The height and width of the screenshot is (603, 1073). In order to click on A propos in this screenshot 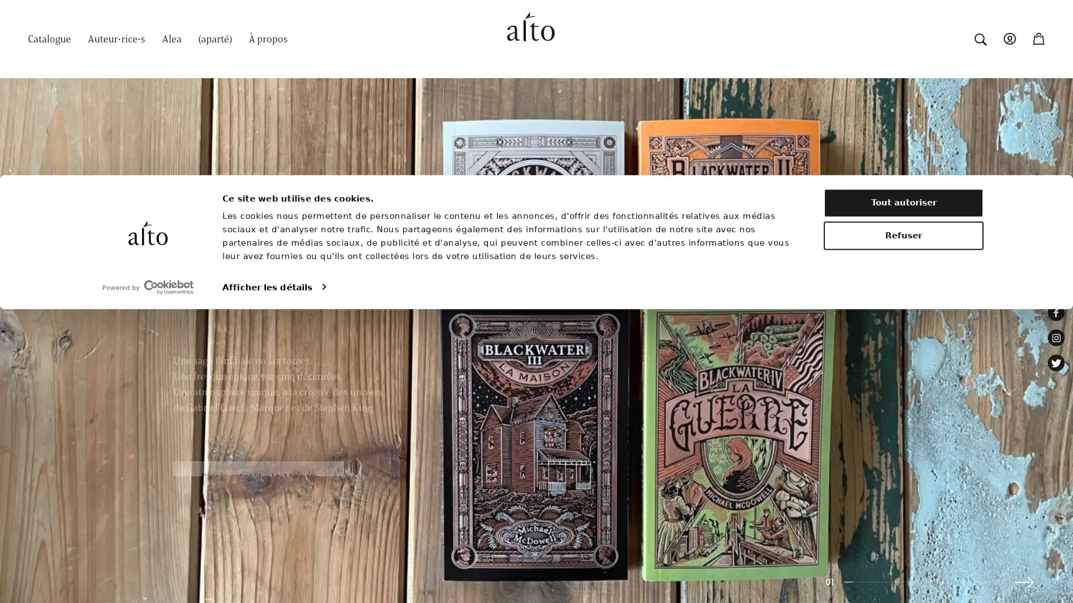, I will do `click(268, 38)`.